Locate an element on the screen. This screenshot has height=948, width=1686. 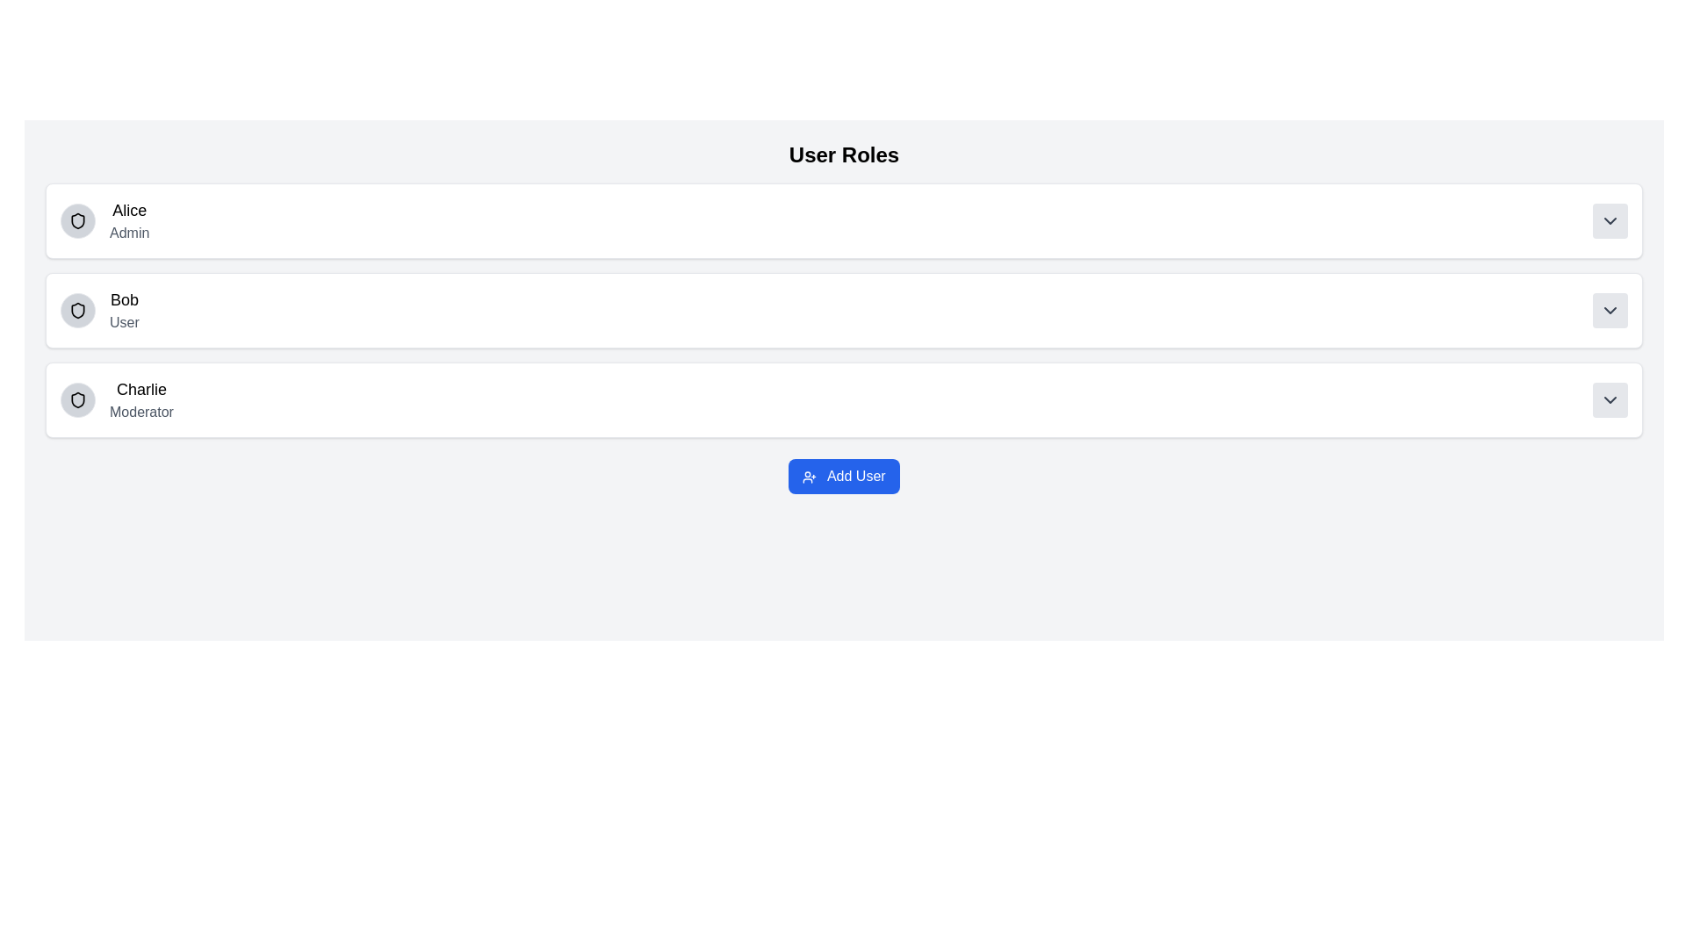
the static text label element displaying 'Bob', which is part of the 'User Roles' list, located above 'Charlie' and below 'Alice' is located at coordinates (123, 299).